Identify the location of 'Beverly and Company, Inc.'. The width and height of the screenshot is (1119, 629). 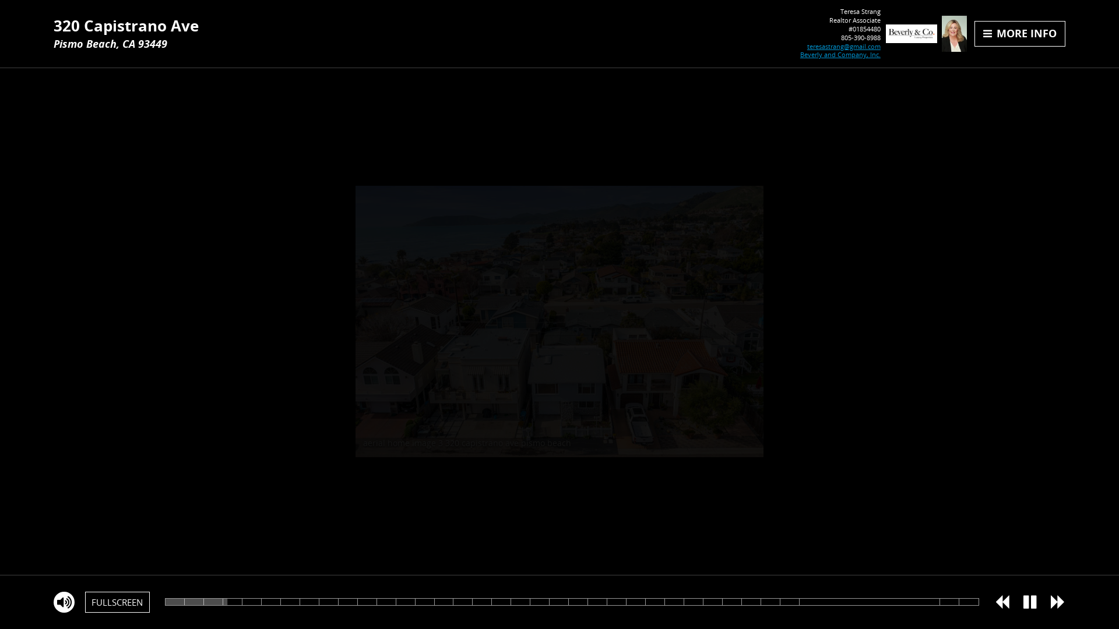
(840, 54).